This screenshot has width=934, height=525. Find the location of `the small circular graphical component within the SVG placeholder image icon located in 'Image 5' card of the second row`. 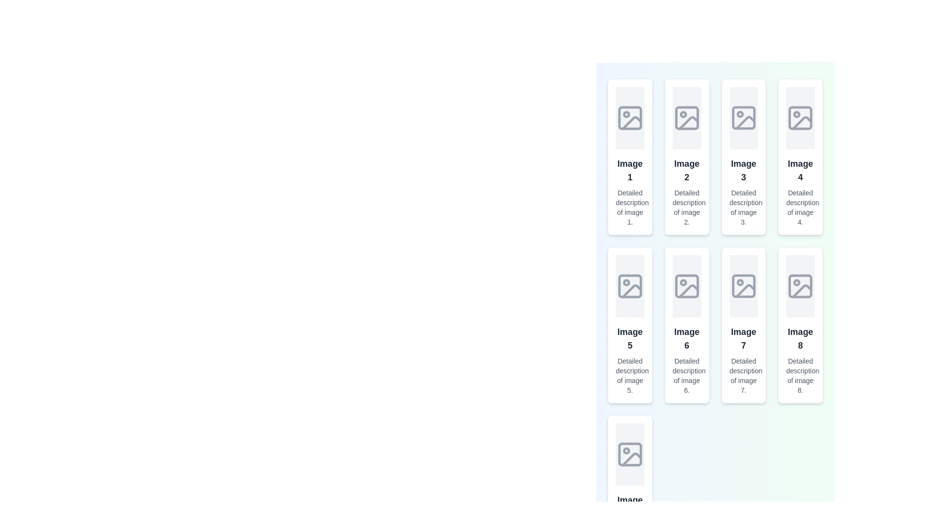

the small circular graphical component within the SVG placeholder image icon located in 'Image 5' card of the second row is located at coordinates (626, 282).